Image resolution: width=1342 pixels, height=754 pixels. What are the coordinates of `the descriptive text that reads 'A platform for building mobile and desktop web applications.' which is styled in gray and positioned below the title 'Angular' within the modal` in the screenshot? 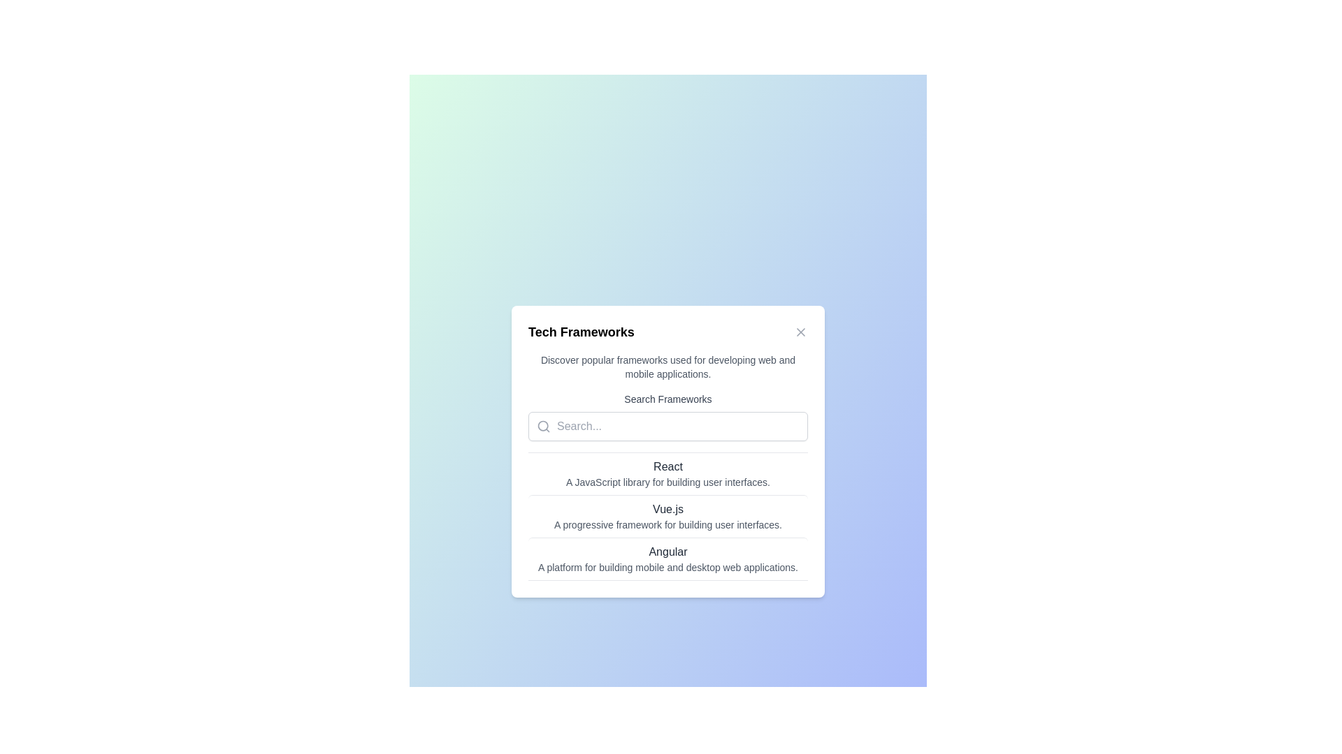 It's located at (667, 568).